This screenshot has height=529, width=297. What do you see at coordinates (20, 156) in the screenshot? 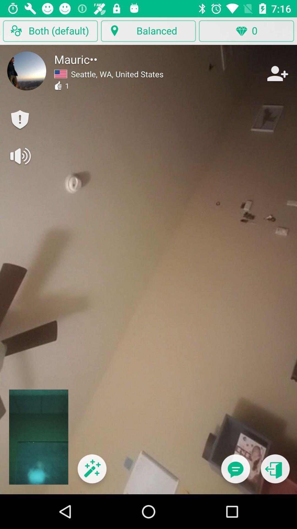
I see `the volume icon` at bounding box center [20, 156].